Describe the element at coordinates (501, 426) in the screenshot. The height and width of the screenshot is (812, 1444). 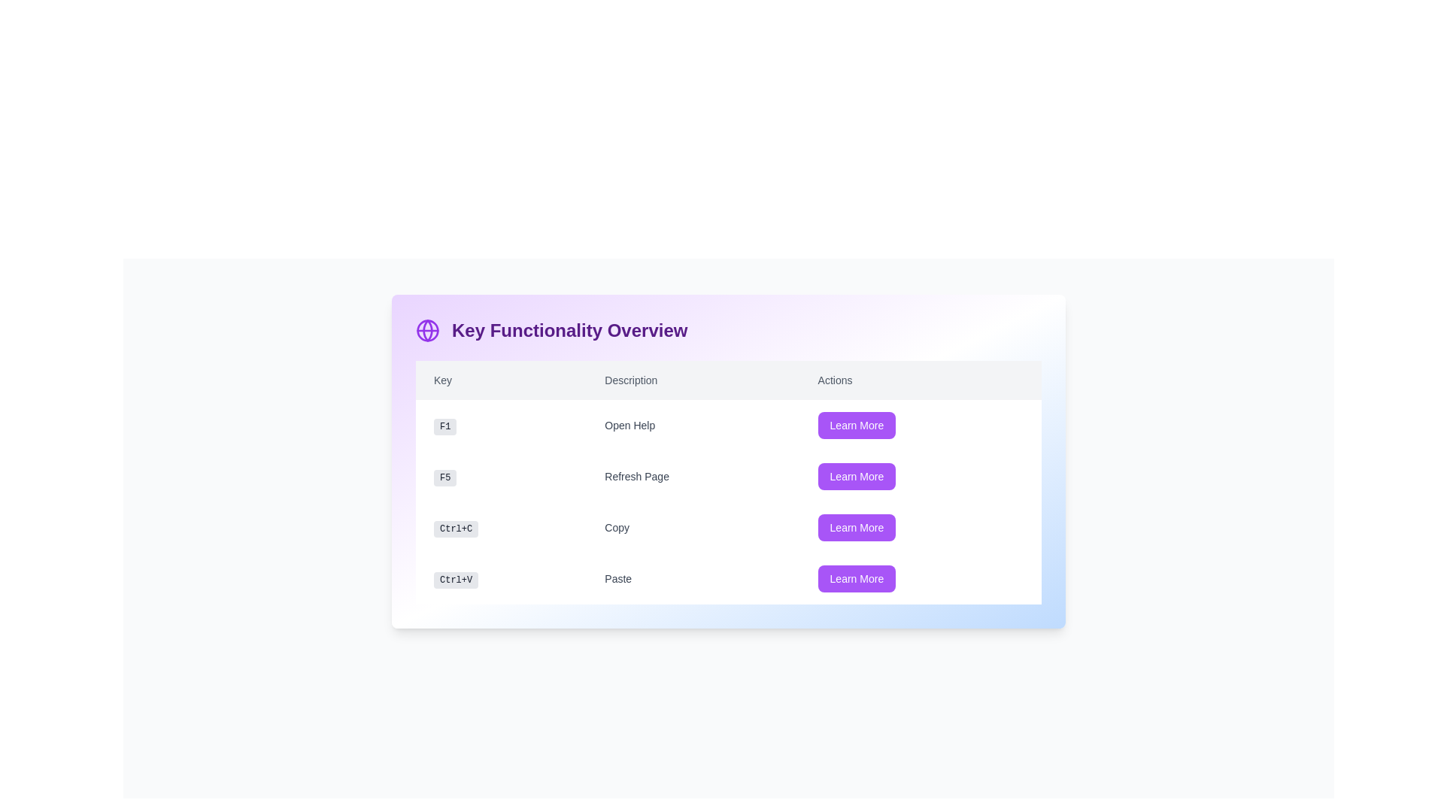
I see `the static text label element displaying 'F1'` at that location.